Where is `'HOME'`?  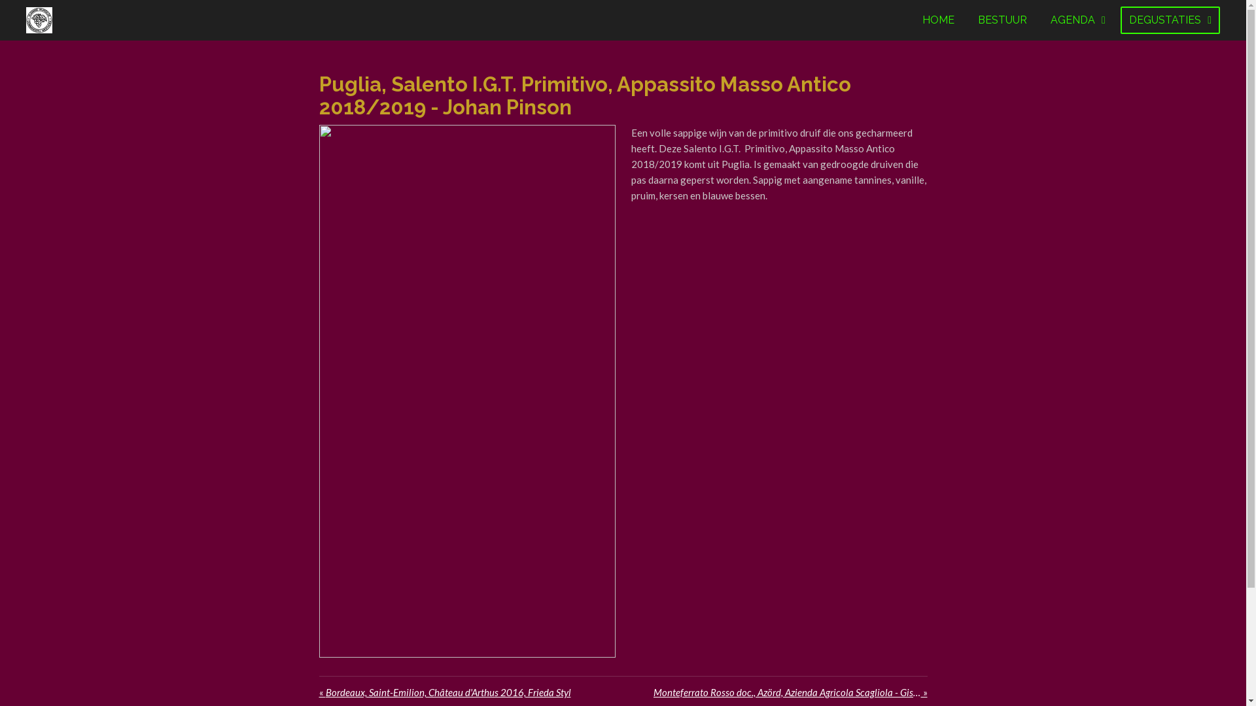 'HOME' is located at coordinates (913, 20).